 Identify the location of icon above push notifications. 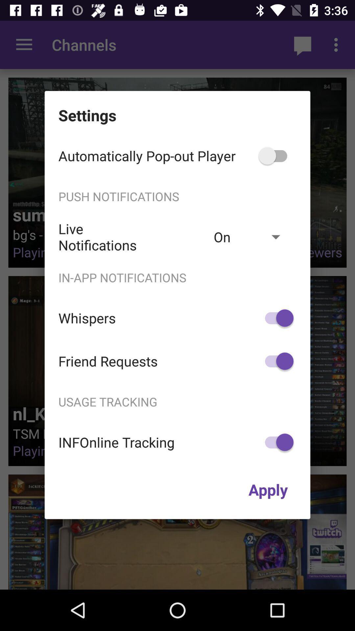
(276, 155).